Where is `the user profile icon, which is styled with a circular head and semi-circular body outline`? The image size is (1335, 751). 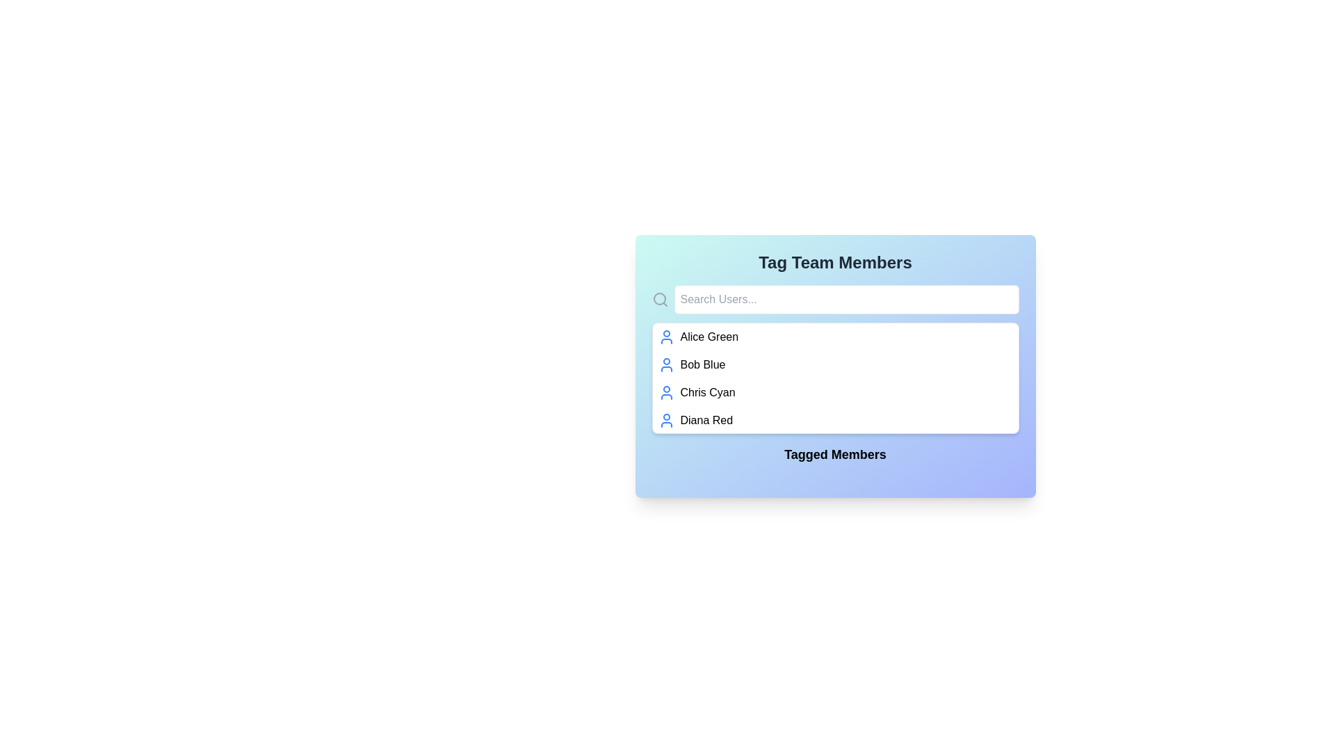
the user profile icon, which is styled with a circular head and semi-circular body outline is located at coordinates (665, 392).